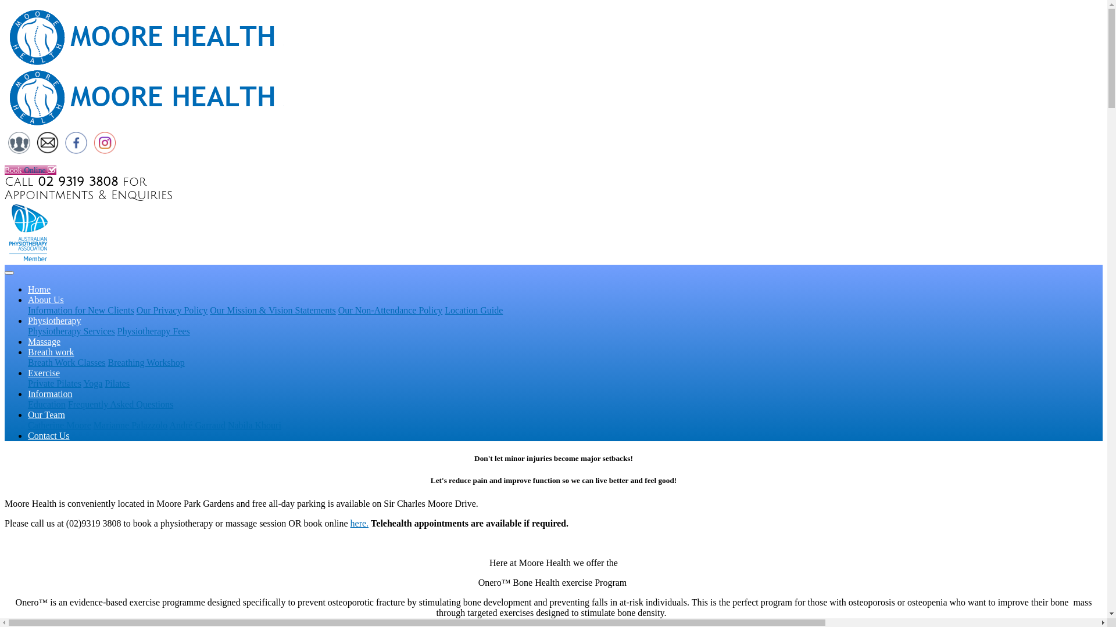  What do you see at coordinates (66, 362) in the screenshot?
I see `'Breath Work Classes'` at bounding box center [66, 362].